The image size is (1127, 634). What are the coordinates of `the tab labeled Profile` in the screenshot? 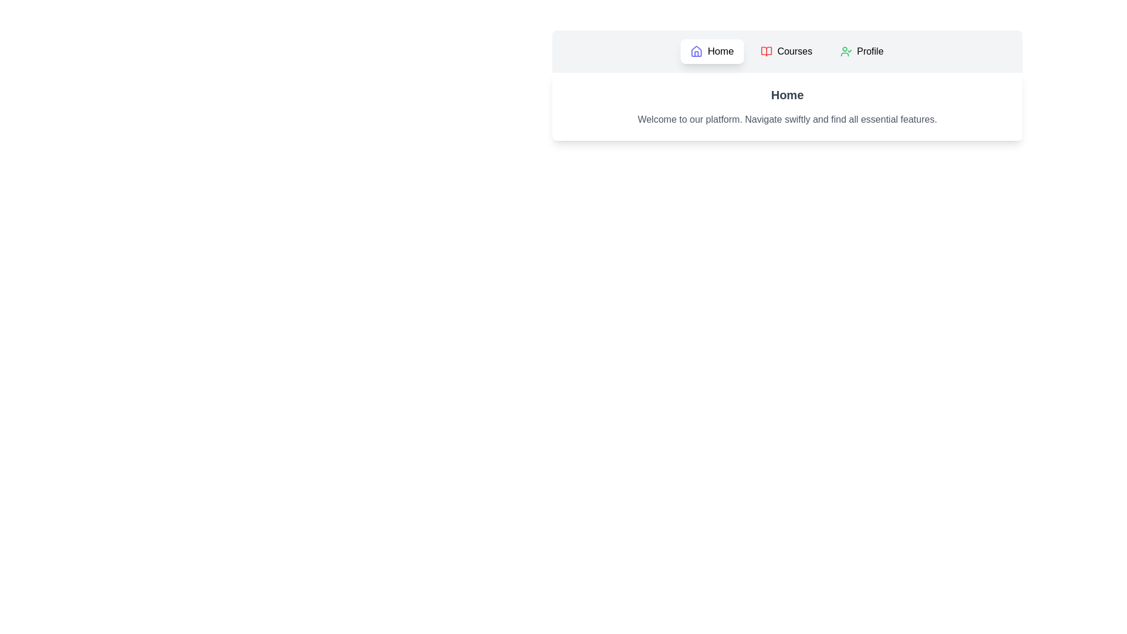 It's located at (862, 51).